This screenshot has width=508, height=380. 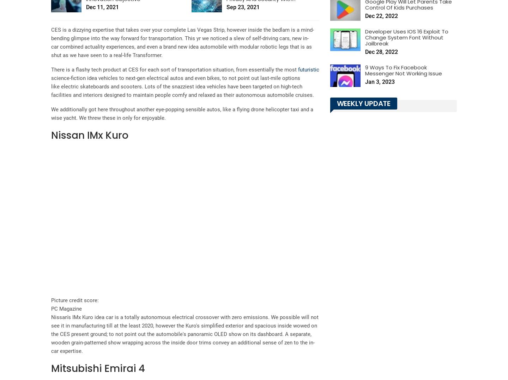 What do you see at coordinates (66, 309) in the screenshot?
I see `'PC Magazine'` at bounding box center [66, 309].